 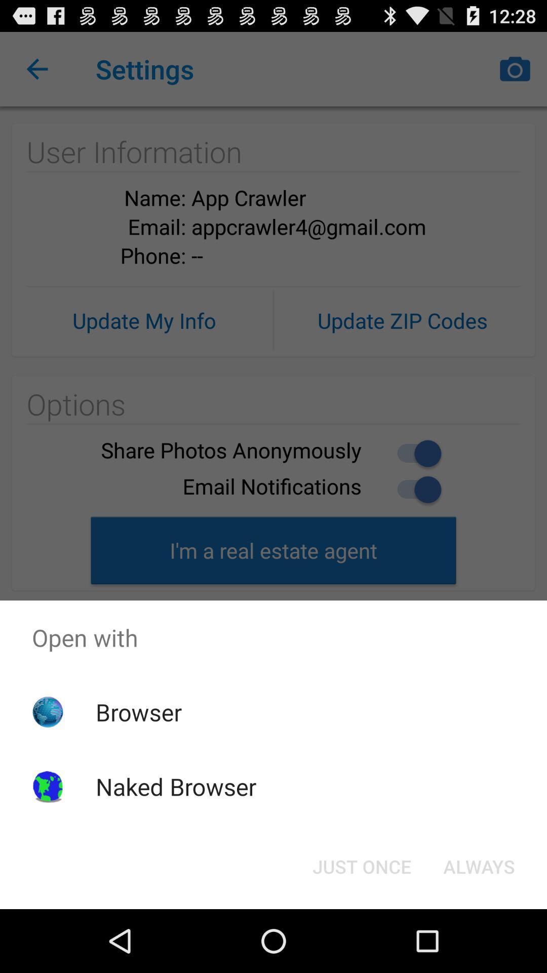 I want to click on the always icon, so click(x=479, y=866).